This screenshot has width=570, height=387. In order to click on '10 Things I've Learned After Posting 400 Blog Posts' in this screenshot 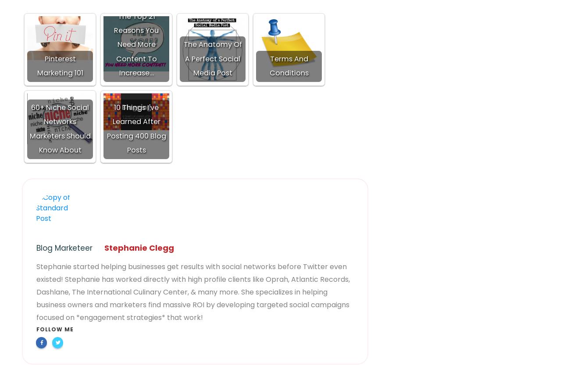, I will do `click(106, 128)`.